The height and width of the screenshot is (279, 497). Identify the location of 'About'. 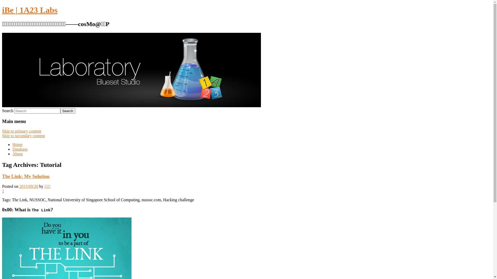
(17, 153).